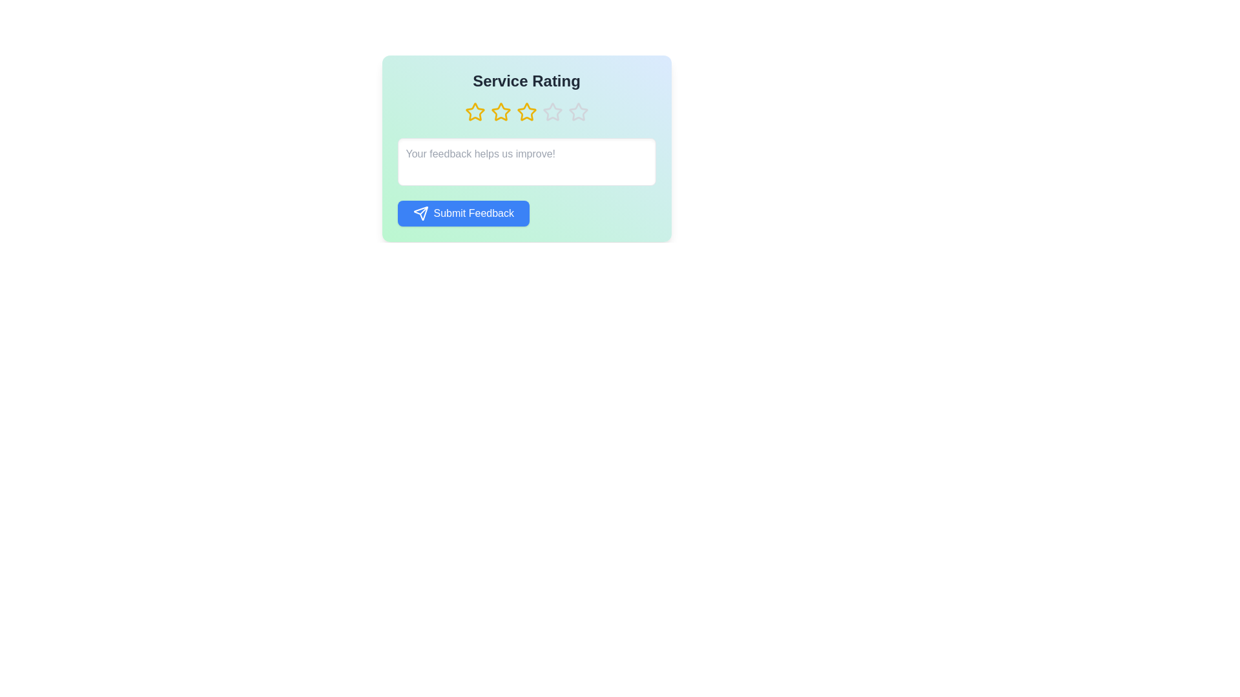 The image size is (1240, 697). I want to click on the blue 'Submit Feedback' button with rounded corners, which is located beneath the feedback input area in the 'Service Rating' box, so click(526, 213).